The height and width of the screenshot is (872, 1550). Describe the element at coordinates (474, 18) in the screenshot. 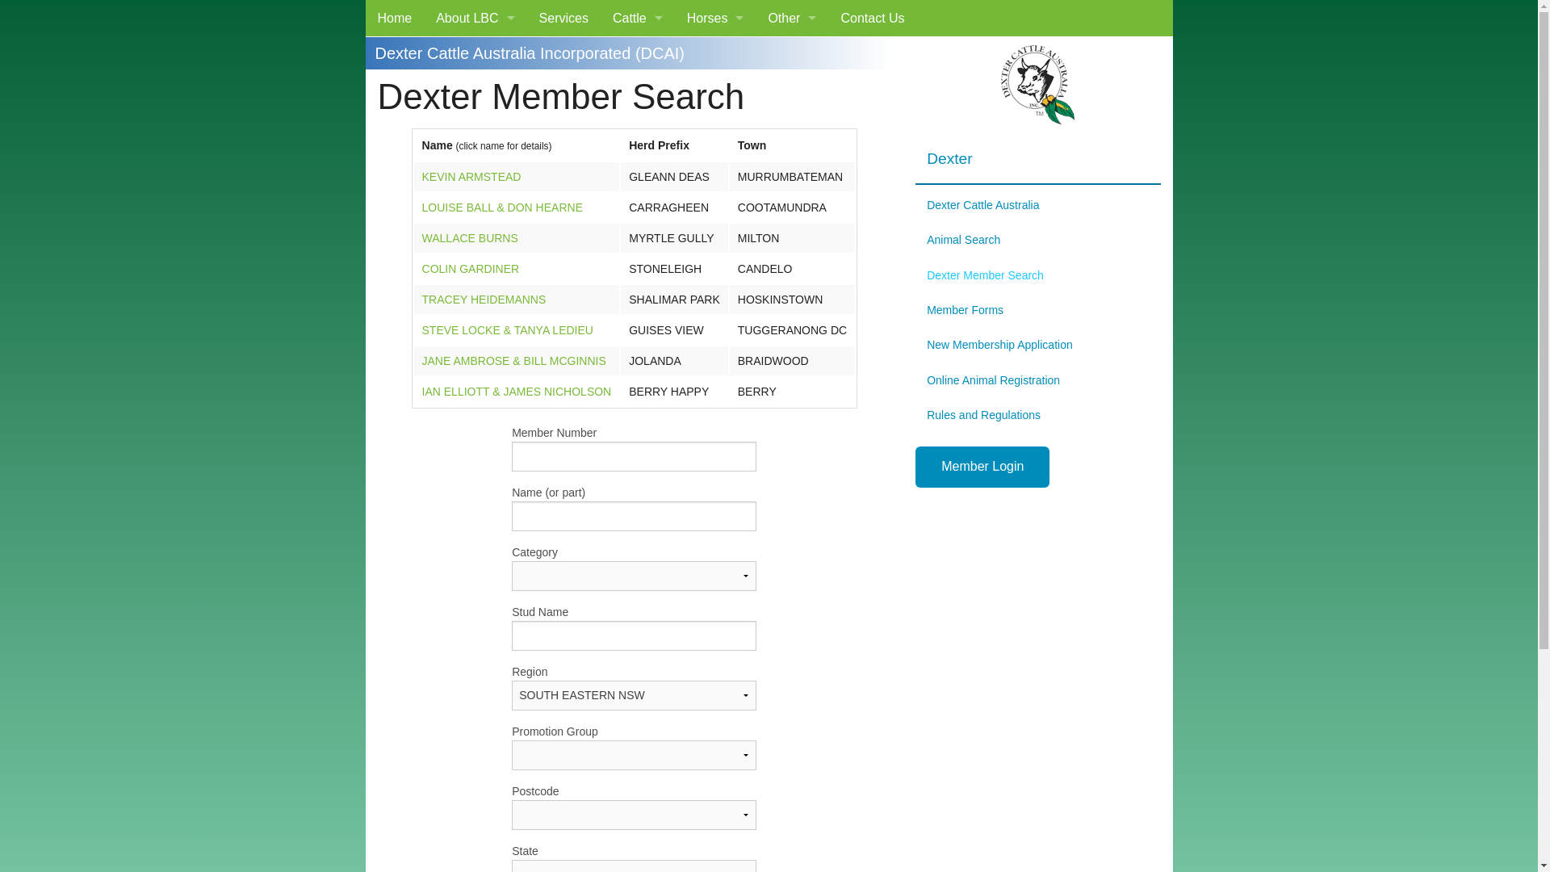

I see `'About LBC'` at that location.